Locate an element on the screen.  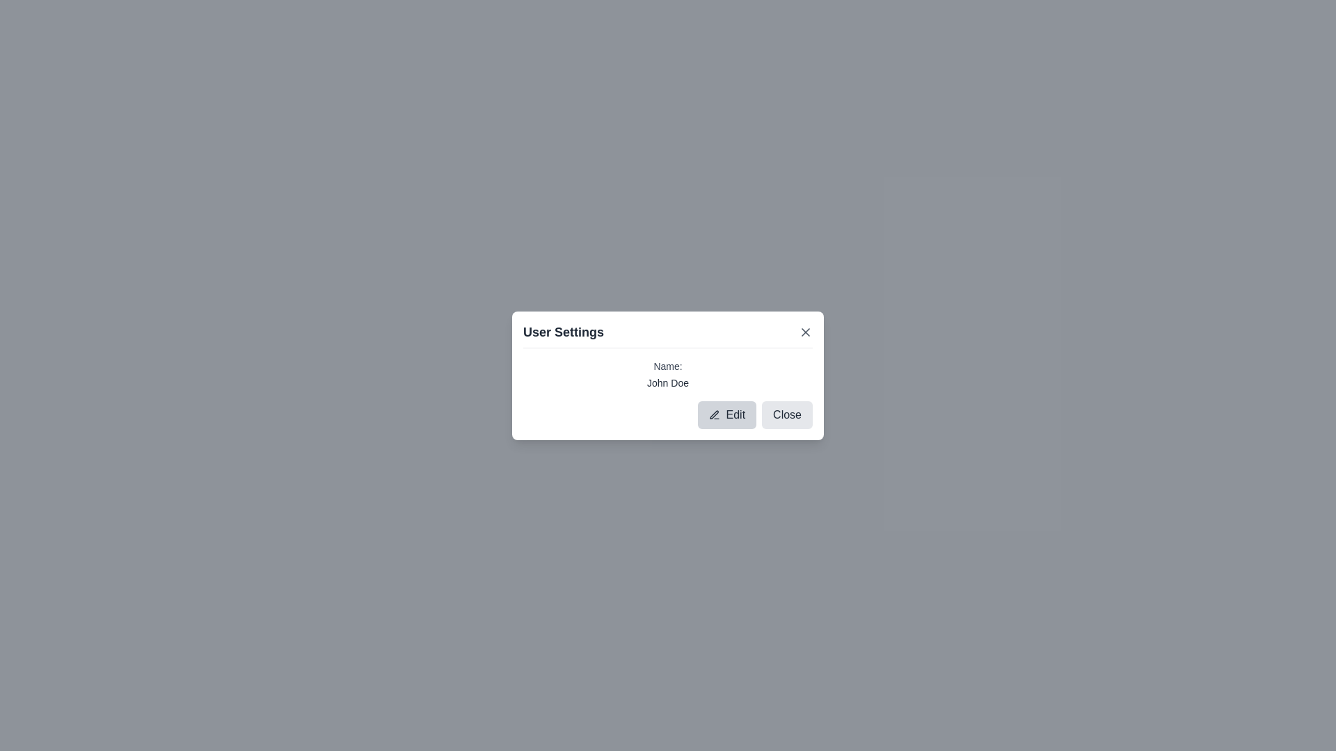
the 'Edit' button with a pen icon located in the lower-right corner of the 'User Settings' modal is located at coordinates (726, 414).